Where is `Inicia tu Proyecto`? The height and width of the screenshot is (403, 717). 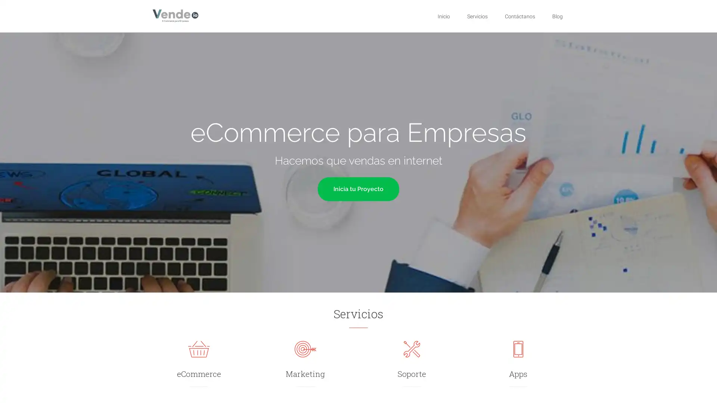 Inicia tu Proyecto is located at coordinates (358, 188).